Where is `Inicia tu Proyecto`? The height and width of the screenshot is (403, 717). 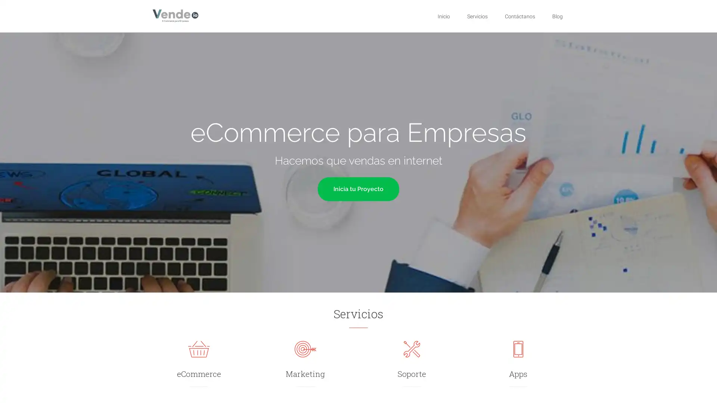 Inicia tu Proyecto is located at coordinates (358, 188).